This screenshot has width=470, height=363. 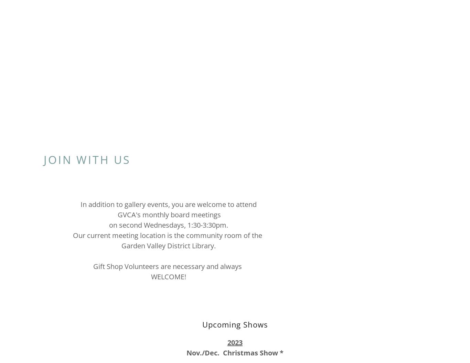 What do you see at coordinates (235, 342) in the screenshot?
I see `'2023'` at bounding box center [235, 342].